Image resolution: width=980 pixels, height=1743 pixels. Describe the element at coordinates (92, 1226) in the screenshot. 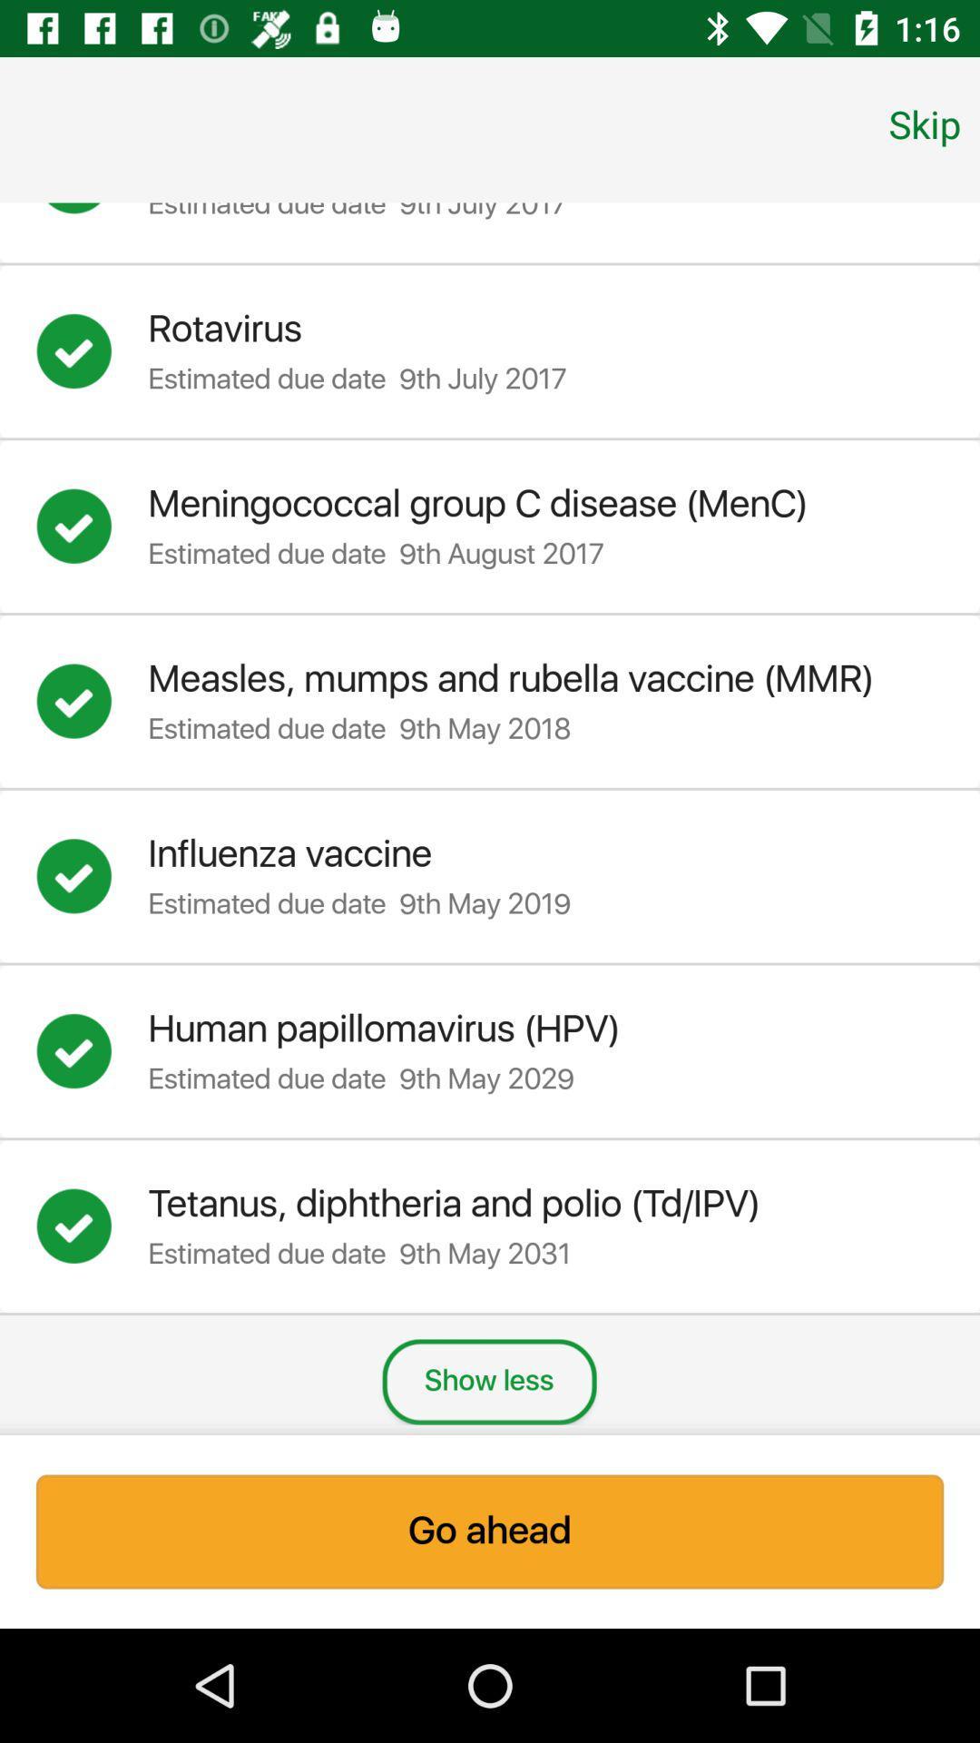

I see `ok` at that location.